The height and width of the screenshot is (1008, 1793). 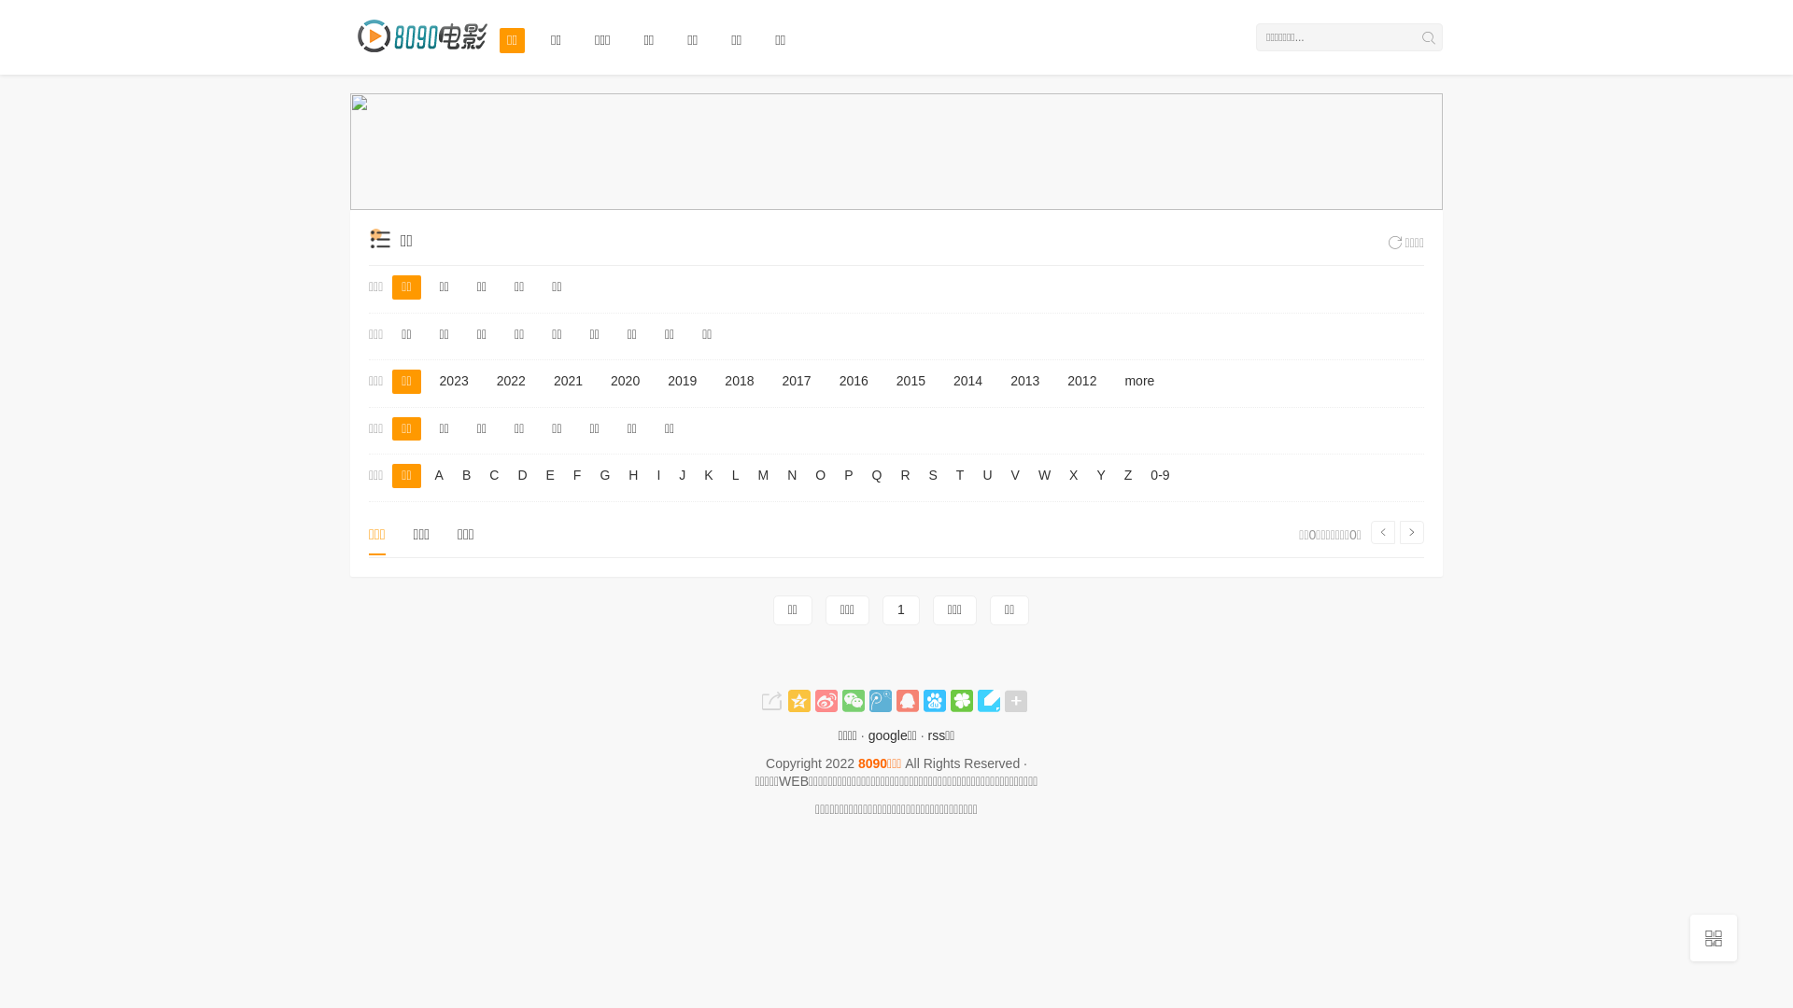 What do you see at coordinates (511, 380) in the screenshot?
I see `'2022'` at bounding box center [511, 380].